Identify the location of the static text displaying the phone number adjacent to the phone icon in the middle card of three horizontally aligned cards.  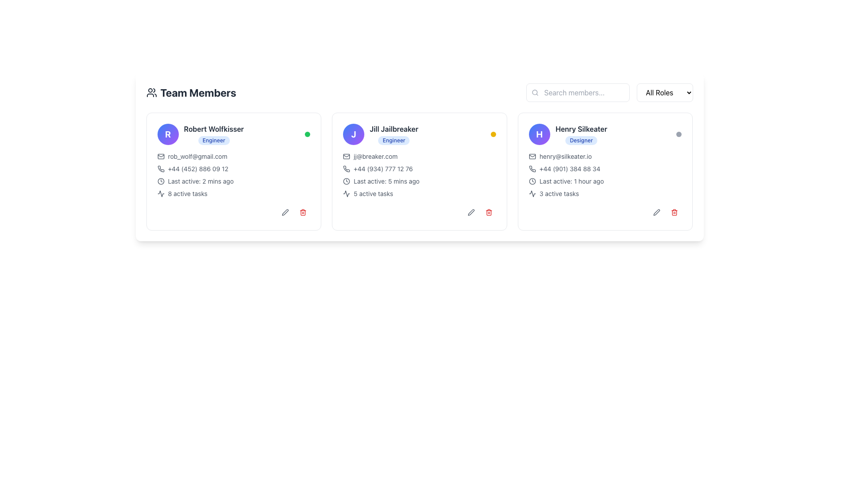
(383, 169).